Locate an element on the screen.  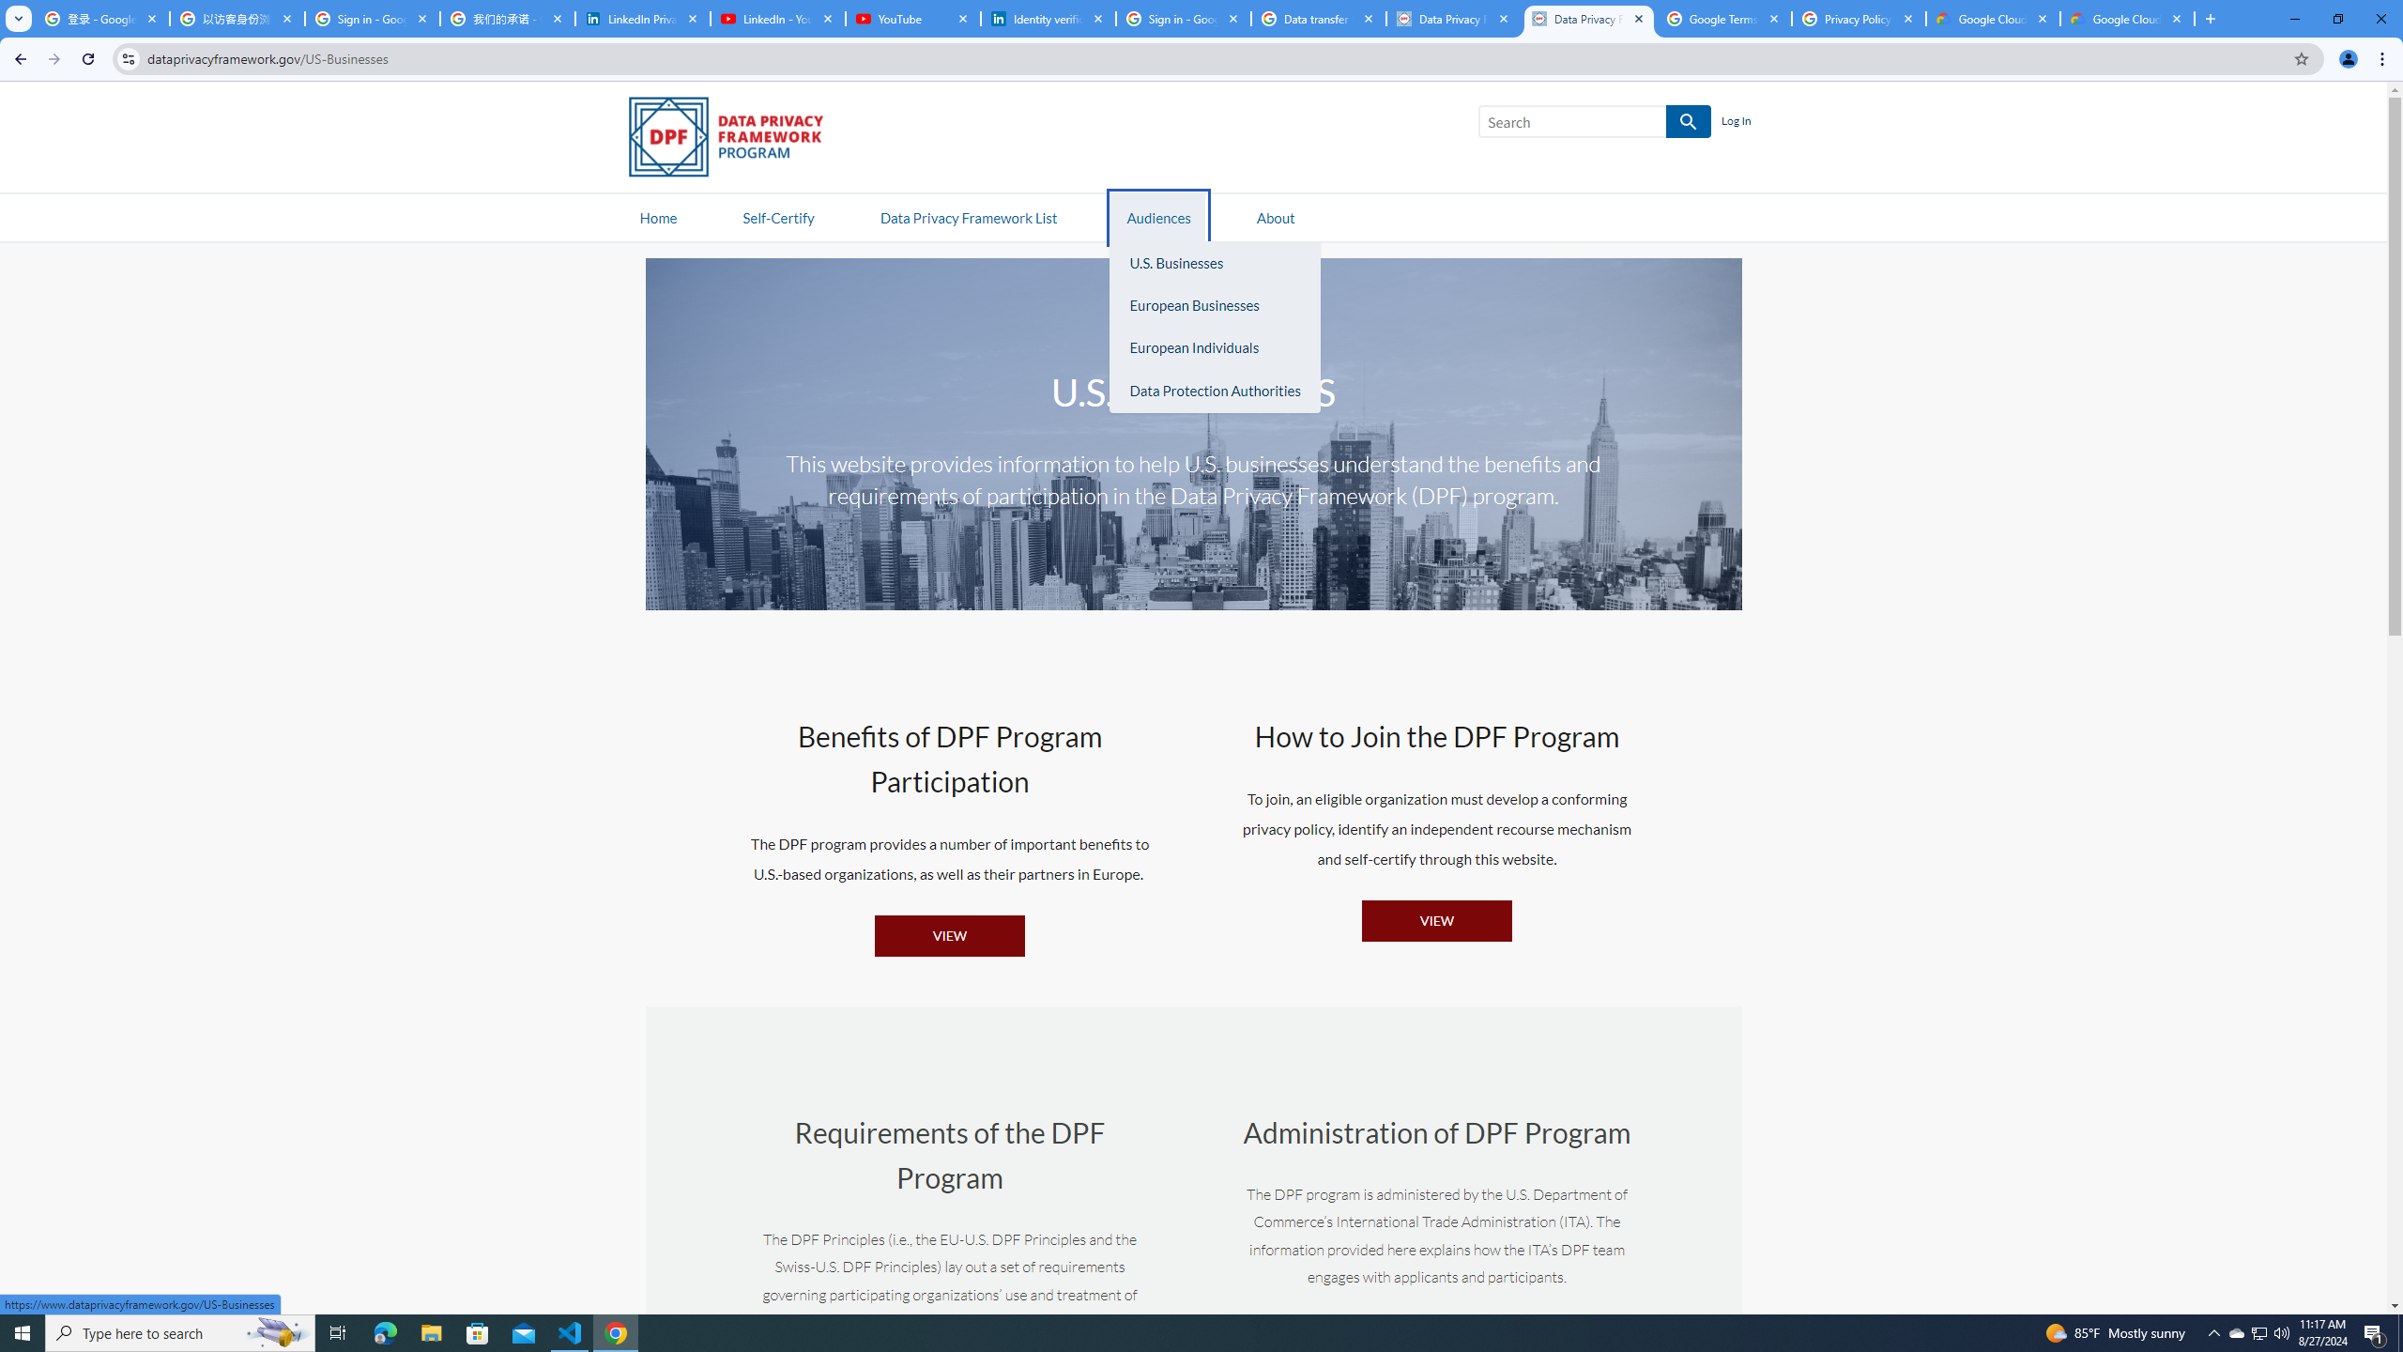
'Log In' is located at coordinates (1735, 121).